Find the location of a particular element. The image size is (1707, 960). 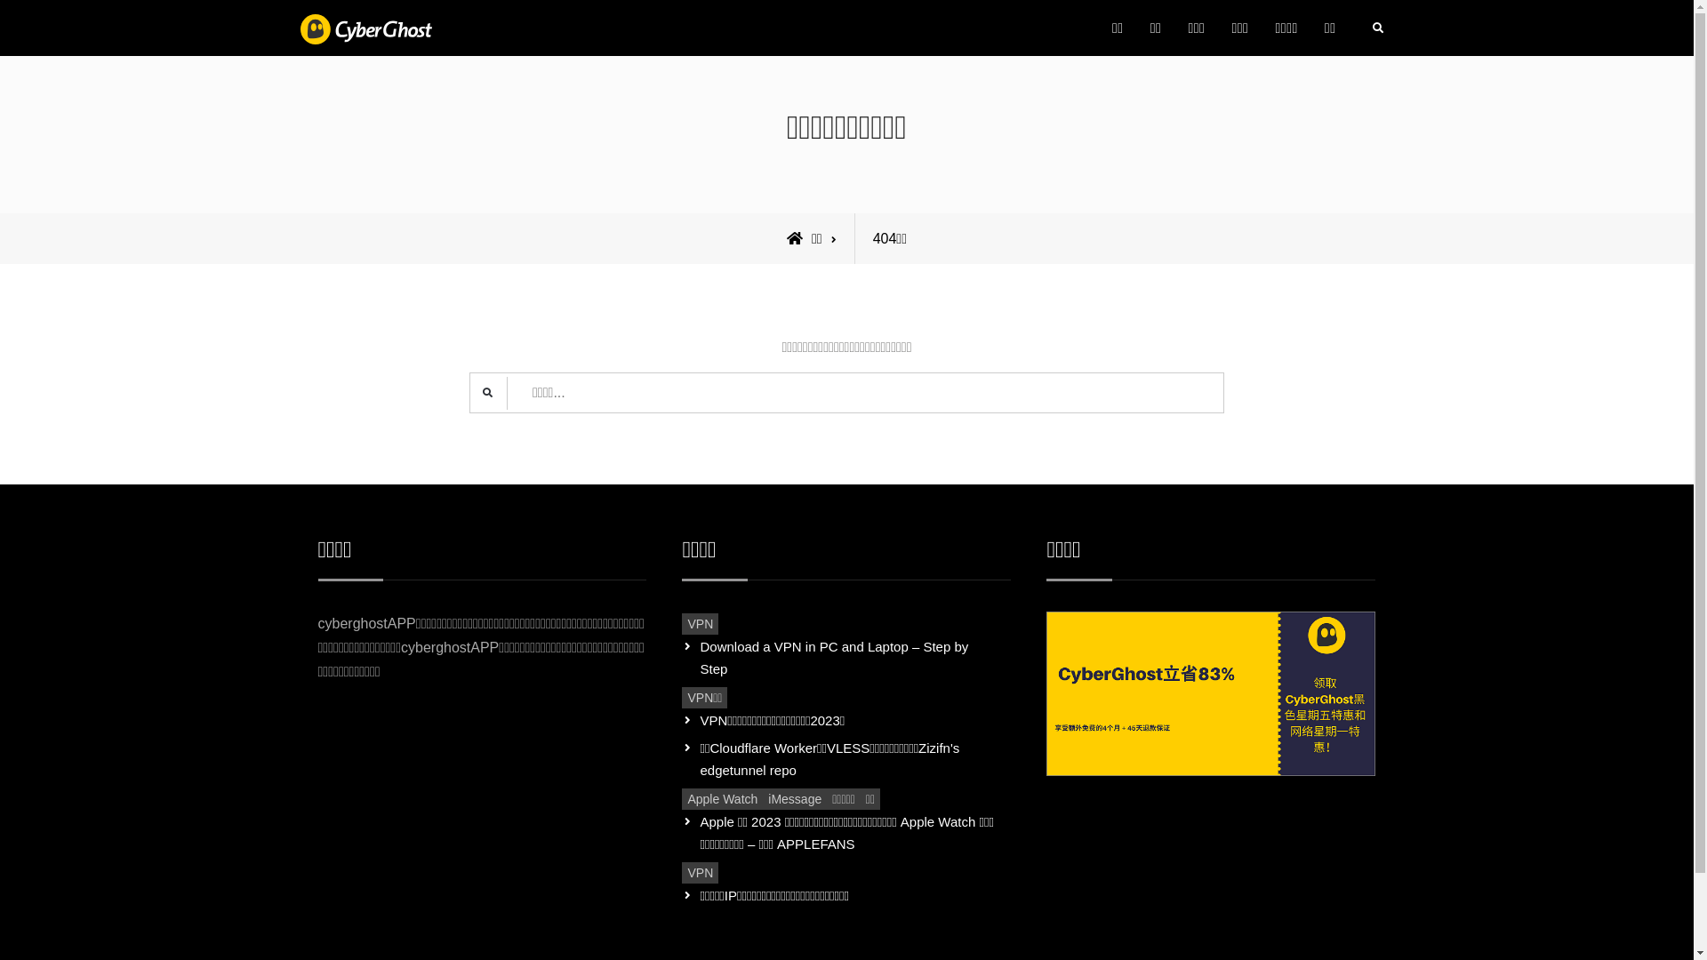

'cyberghostAPP' is located at coordinates (531, 44).